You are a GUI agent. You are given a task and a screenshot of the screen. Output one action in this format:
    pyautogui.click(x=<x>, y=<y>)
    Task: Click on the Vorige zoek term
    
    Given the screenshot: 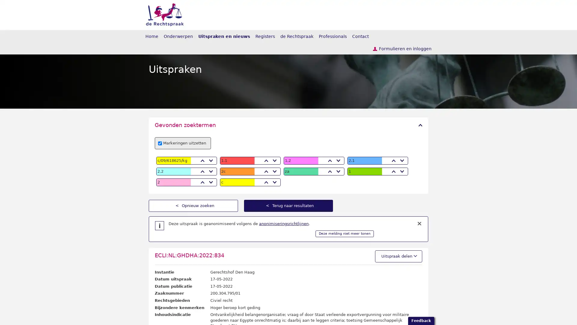 What is the action you would take?
    pyautogui.click(x=394, y=160)
    